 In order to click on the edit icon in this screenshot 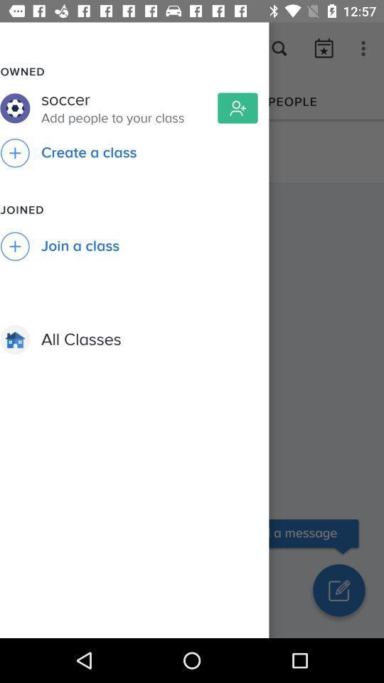, I will do `click(338, 590)`.